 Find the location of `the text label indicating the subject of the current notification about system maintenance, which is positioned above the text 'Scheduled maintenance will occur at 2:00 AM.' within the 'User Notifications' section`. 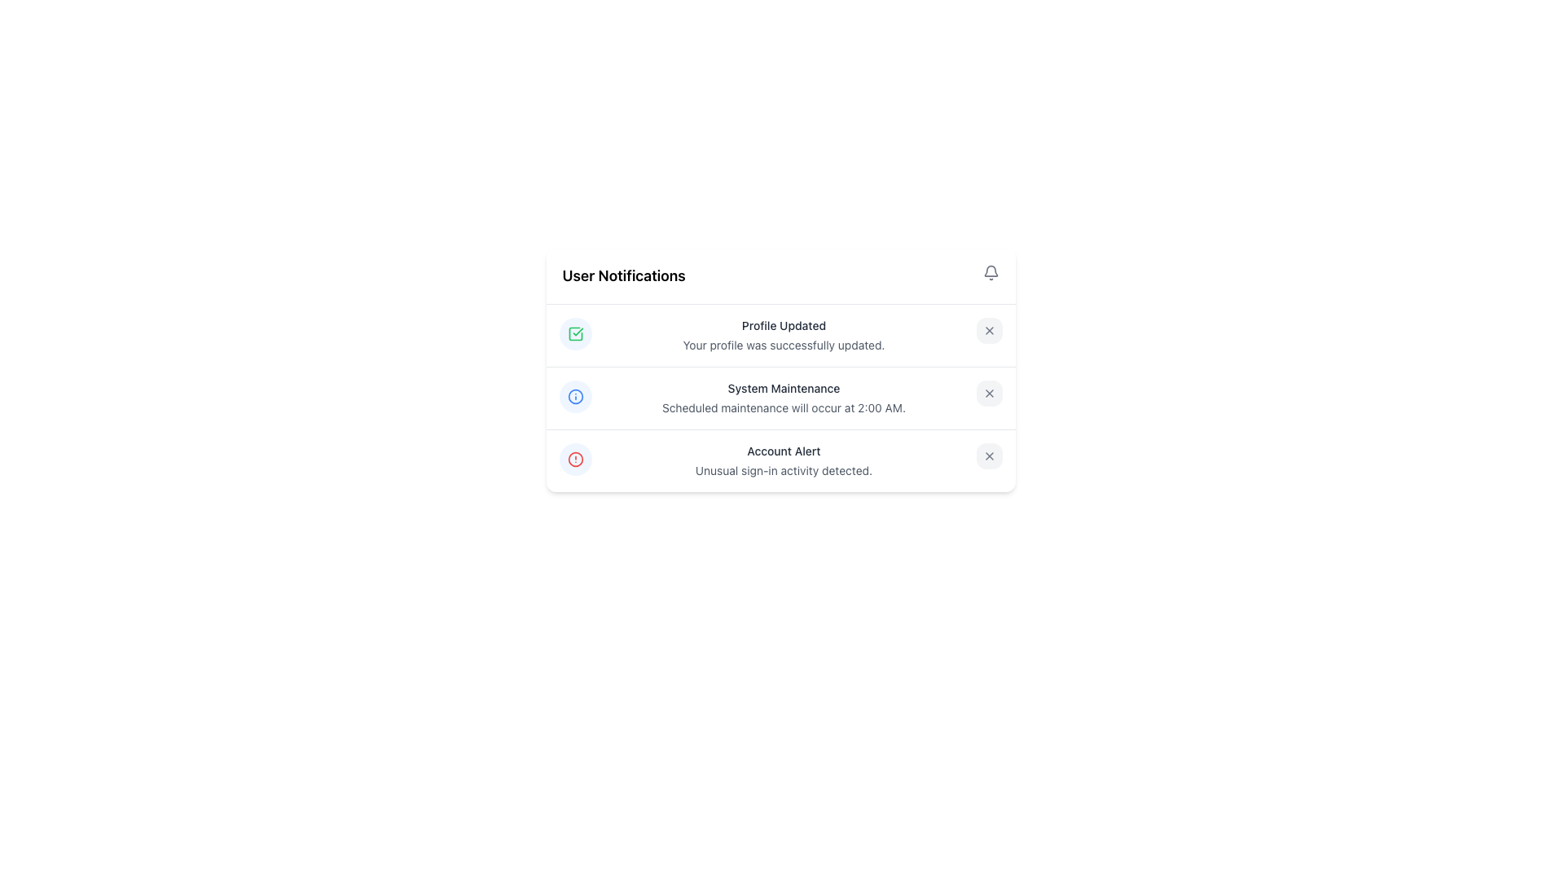

the text label indicating the subject of the current notification about system maintenance, which is positioned above the text 'Scheduled maintenance will occur at 2:00 AM.' within the 'User Notifications' section is located at coordinates (784, 389).